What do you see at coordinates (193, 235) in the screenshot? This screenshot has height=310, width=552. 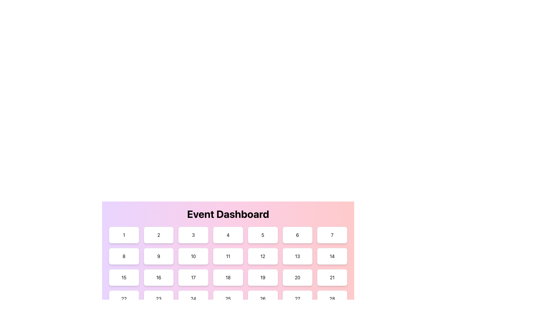 I see `the rounded rectangular button displaying the number '3' to observe its potential effect` at bounding box center [193, 235].